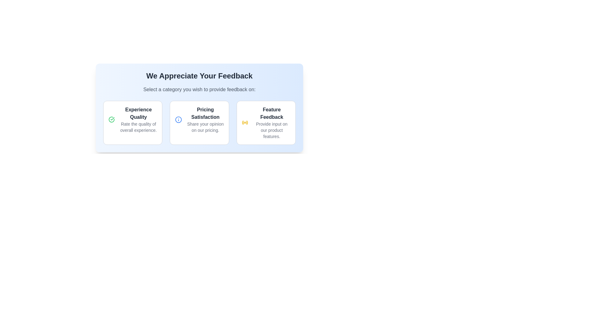 The width and height of the screenshot is (597, 335). What do you see at coordinates (178, 119) in the screenshot?
I see `the visual indicator icon representing 'Pricing Satisfaction' located in the second tile from the left, below the text 'We Appreciate Your Feedback'` at bounding box center [178, 119].